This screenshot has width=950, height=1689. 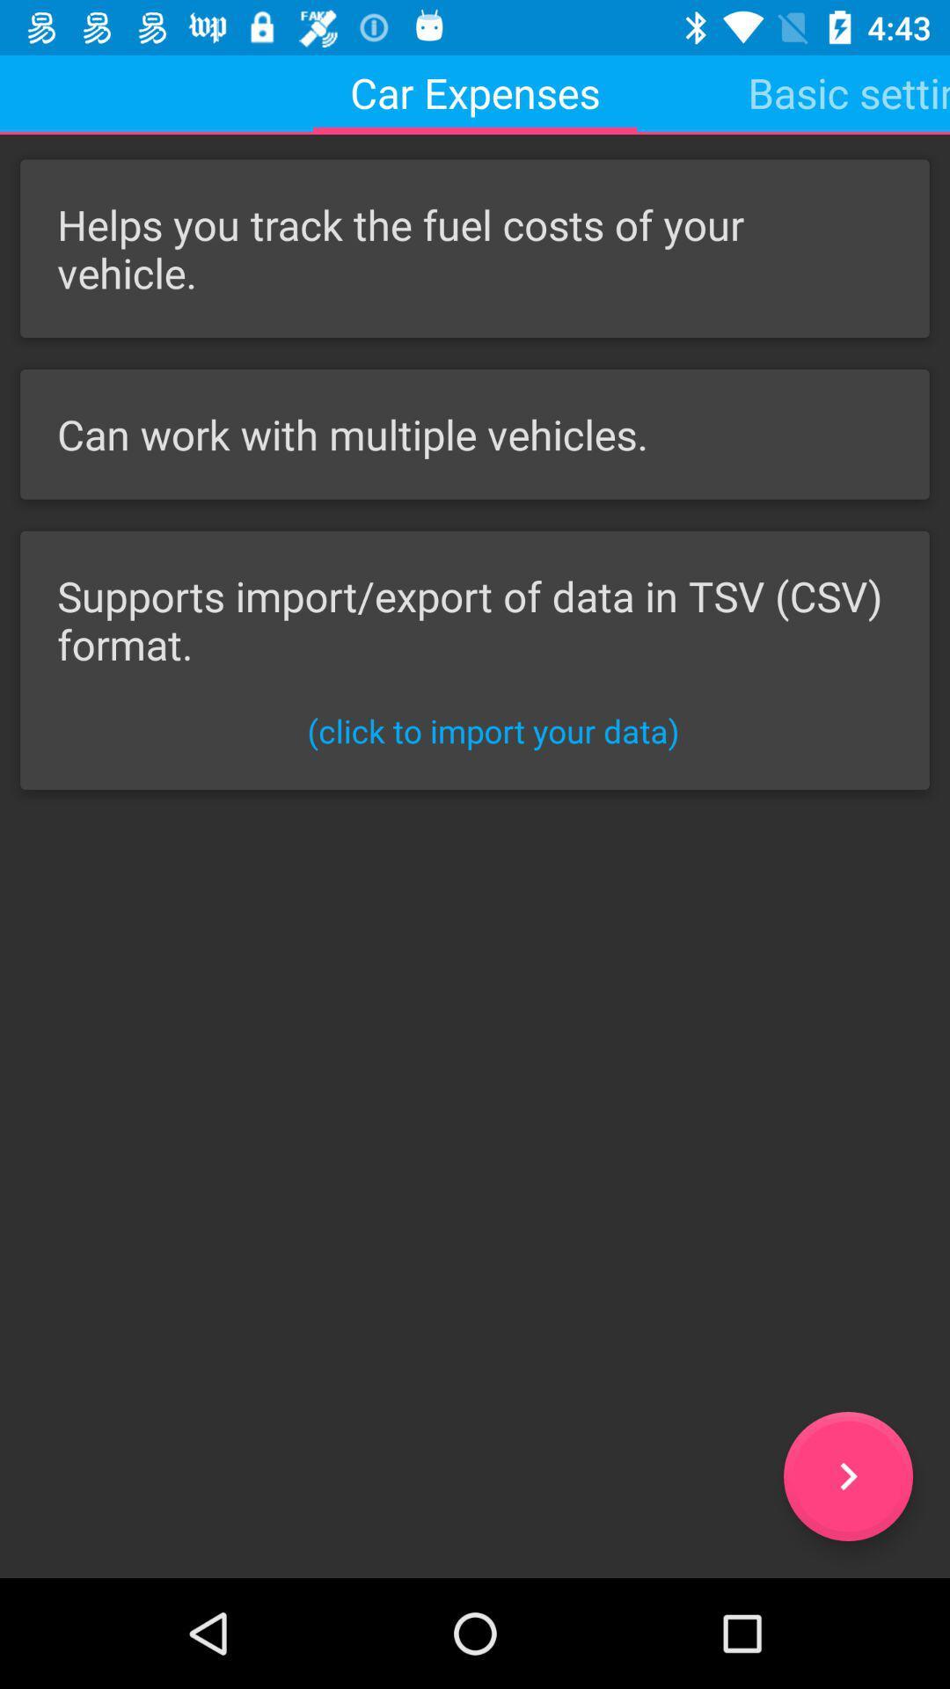 What do you see at coordinates (493, 730) in the screenshot?
I see `click to import icon` at bounding box center [493, 730].